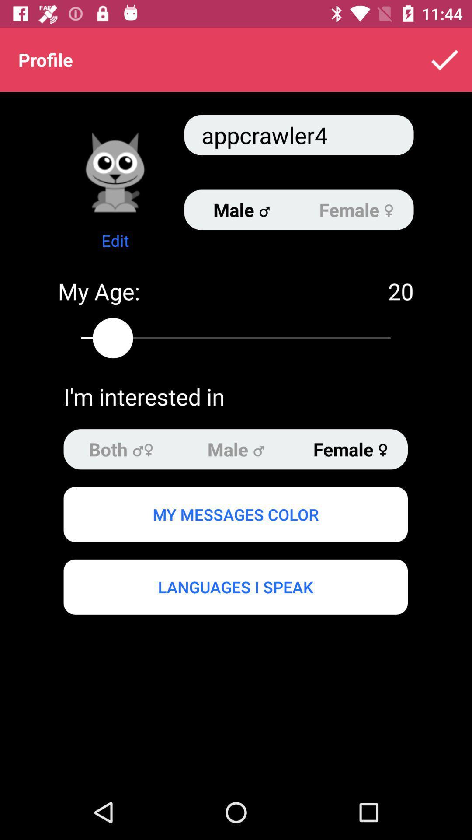 Image resolution: width=472 pixels, height=840 pixels. I want to click on item above appcrawler4 icon, so click(444, 59).